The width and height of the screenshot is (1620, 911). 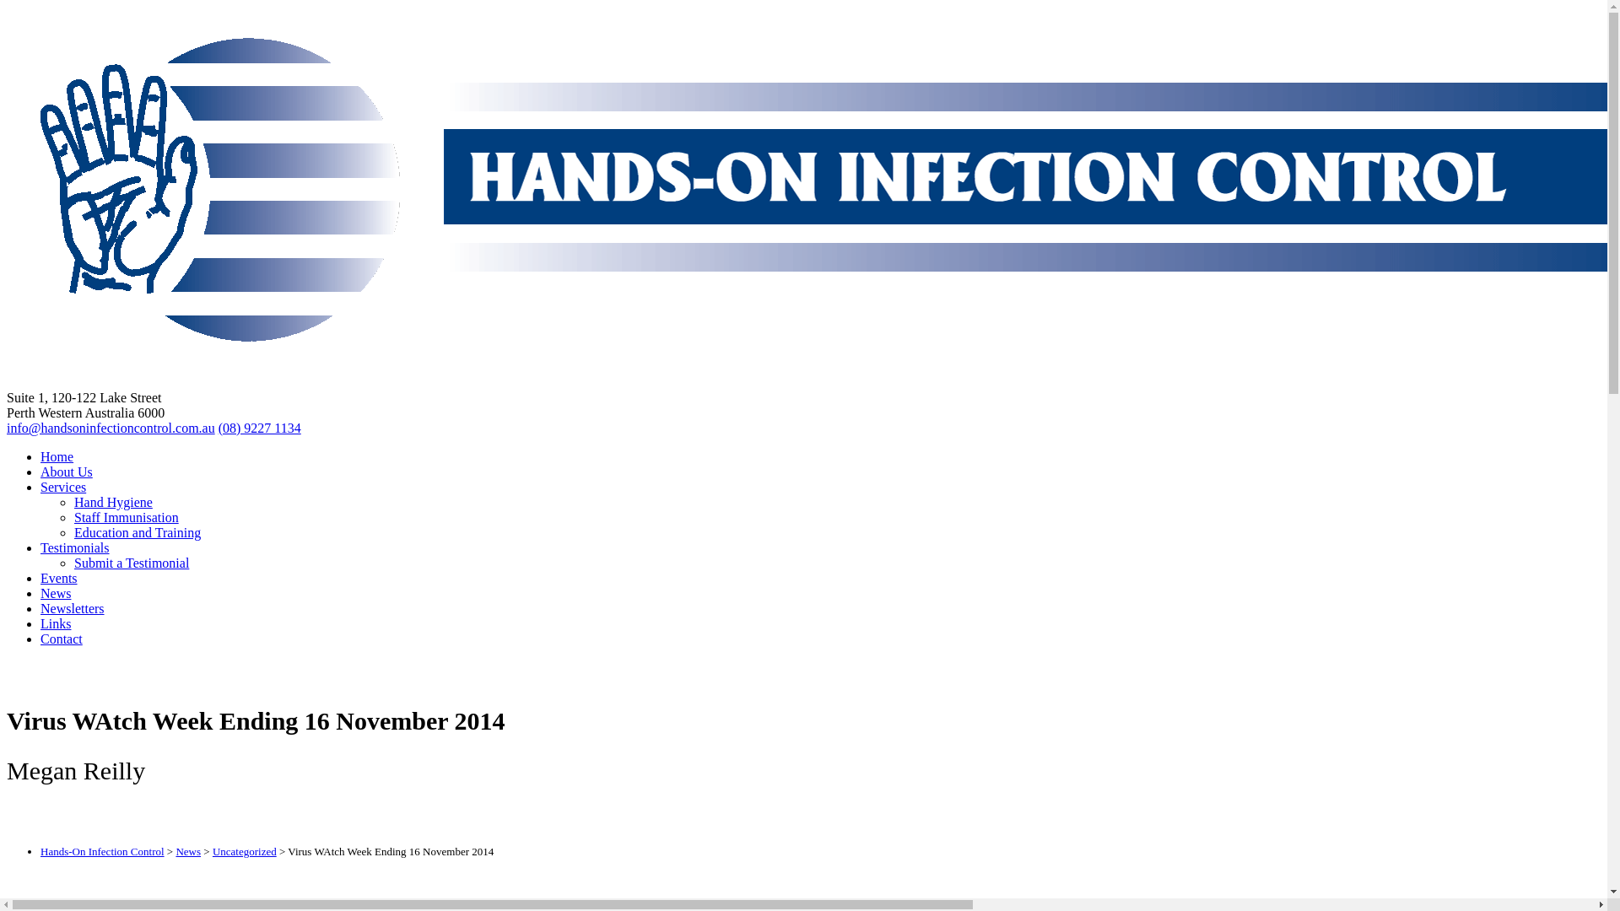 I want to click on 'Submit a Testimonial', so click(x=131, y=563).